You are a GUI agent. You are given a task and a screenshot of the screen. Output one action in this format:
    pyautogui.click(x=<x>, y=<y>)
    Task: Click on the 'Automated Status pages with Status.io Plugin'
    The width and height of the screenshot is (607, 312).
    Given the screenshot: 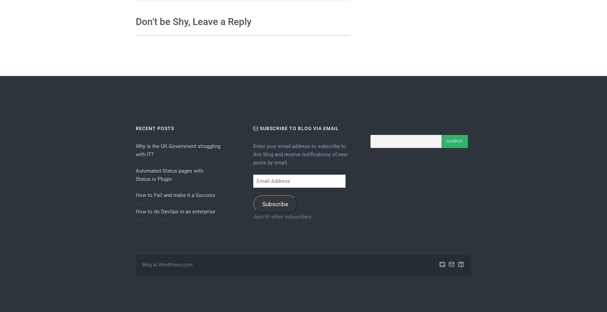 What is the action you would take?
    pyautogui.click(x=169, y=174)
    